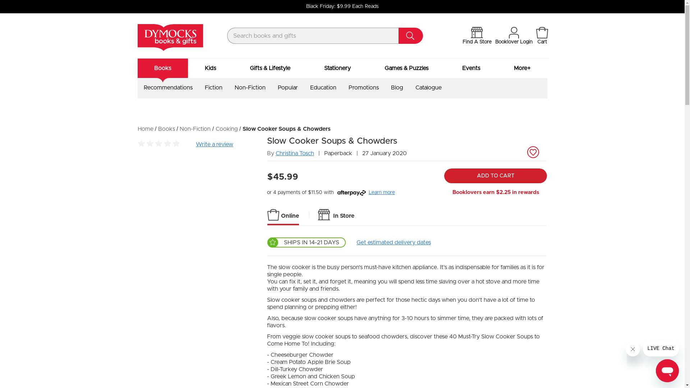  I want to click on 'Learn more', so click(381, 192).